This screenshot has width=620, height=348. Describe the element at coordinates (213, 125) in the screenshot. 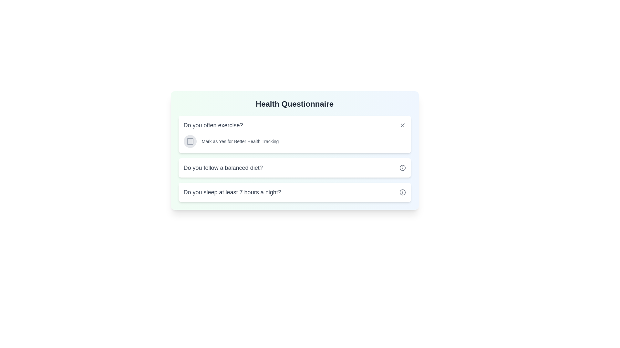

I see `the text label in the Health Questionnaire section that presents a question to the user, located above a checkbox` at that location.